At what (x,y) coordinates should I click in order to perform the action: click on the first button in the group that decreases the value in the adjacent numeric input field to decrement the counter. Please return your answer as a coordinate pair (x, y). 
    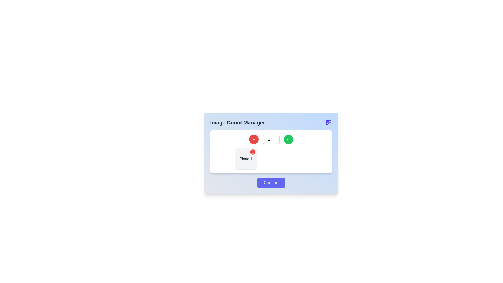
    Looking at the image, I should click on (254, 139).